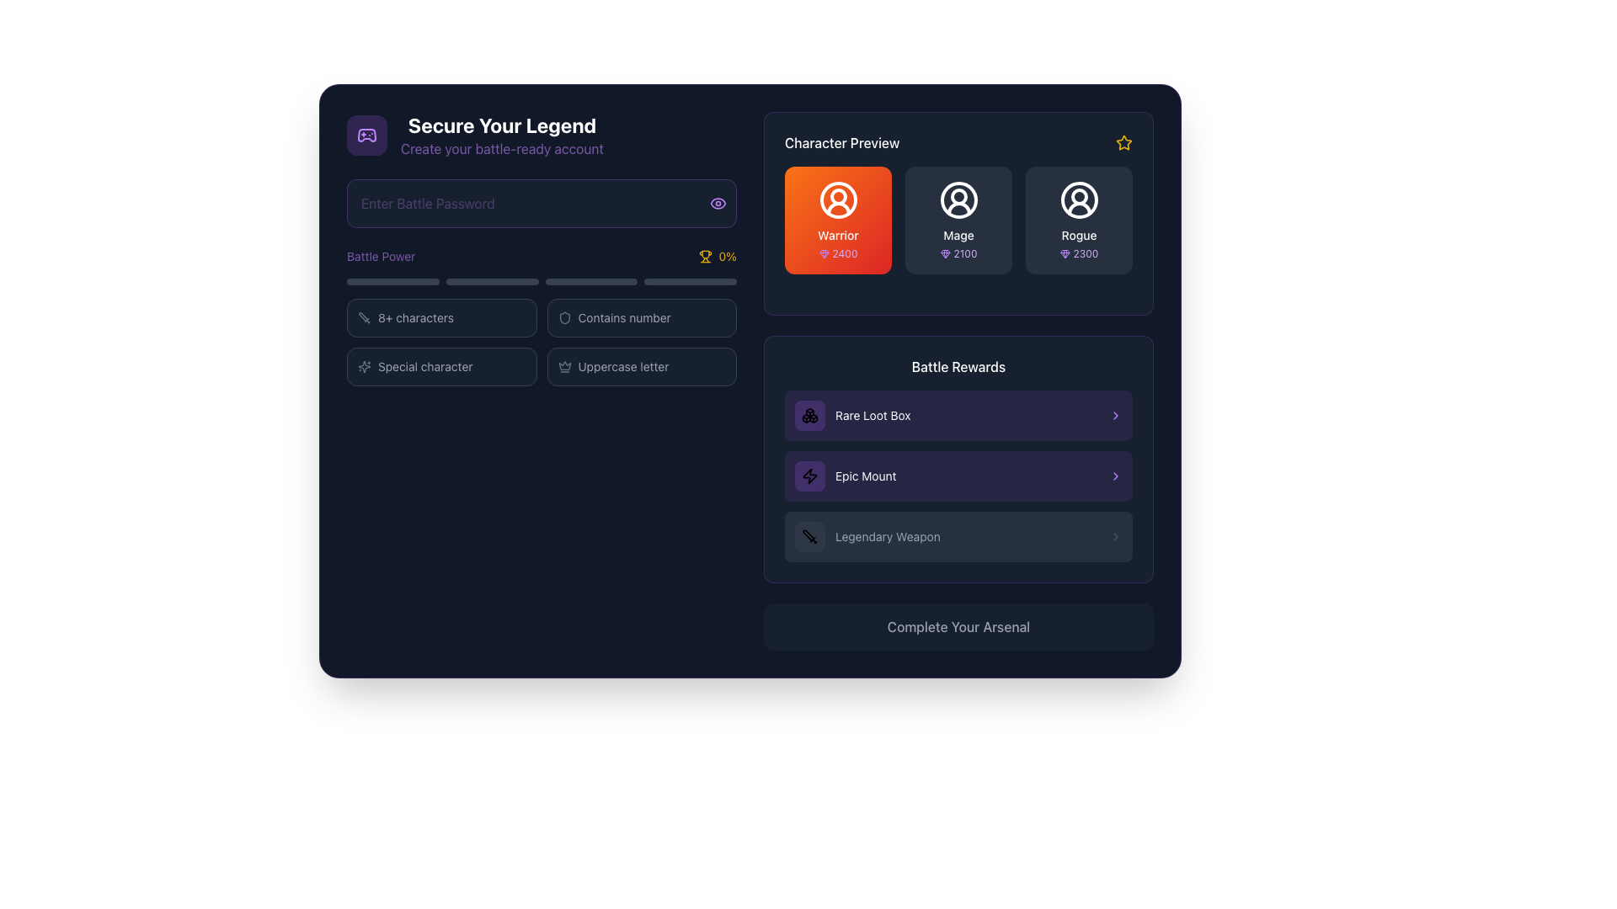 This screenshot has width=1617, height=909. What do you see at coordinates (958, 626) in the screenshot?
I see `the 'Complete Your Arsenal' button, which is a rectangular button with rounded corners and a dark gray background, located below the 'Battle Rewards' section` at bounding box center [958, 626].